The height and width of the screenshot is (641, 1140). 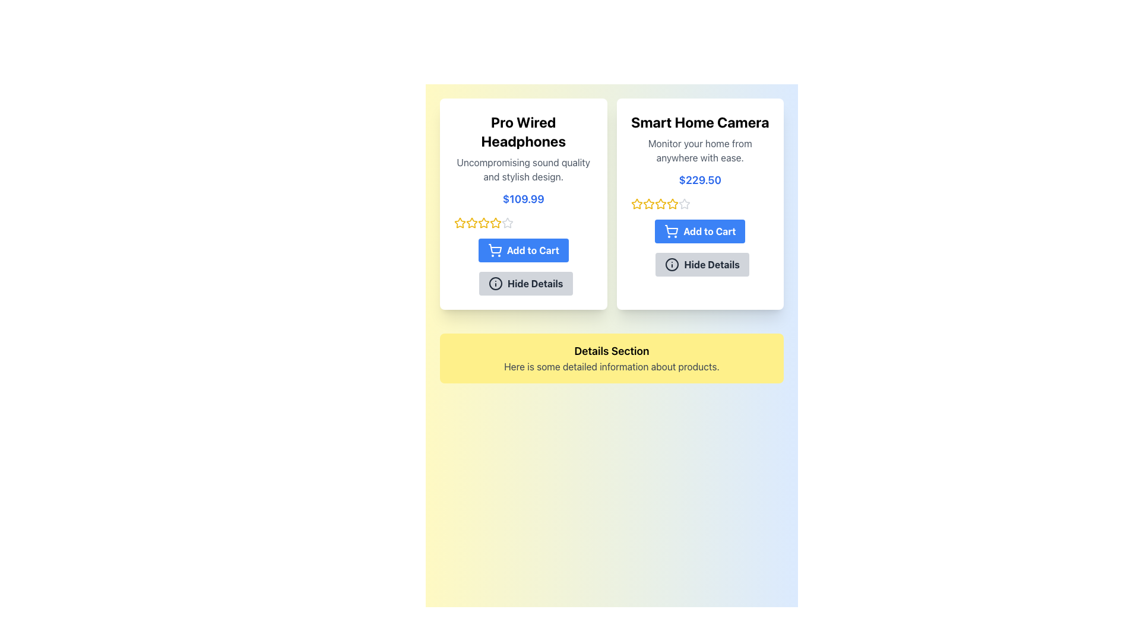 What do you see at coordinates (660, 203) in the screenshot?
I see `the fourth star icon used for rating in the Smart Home Camera product card` at bounding box center [660, 203].